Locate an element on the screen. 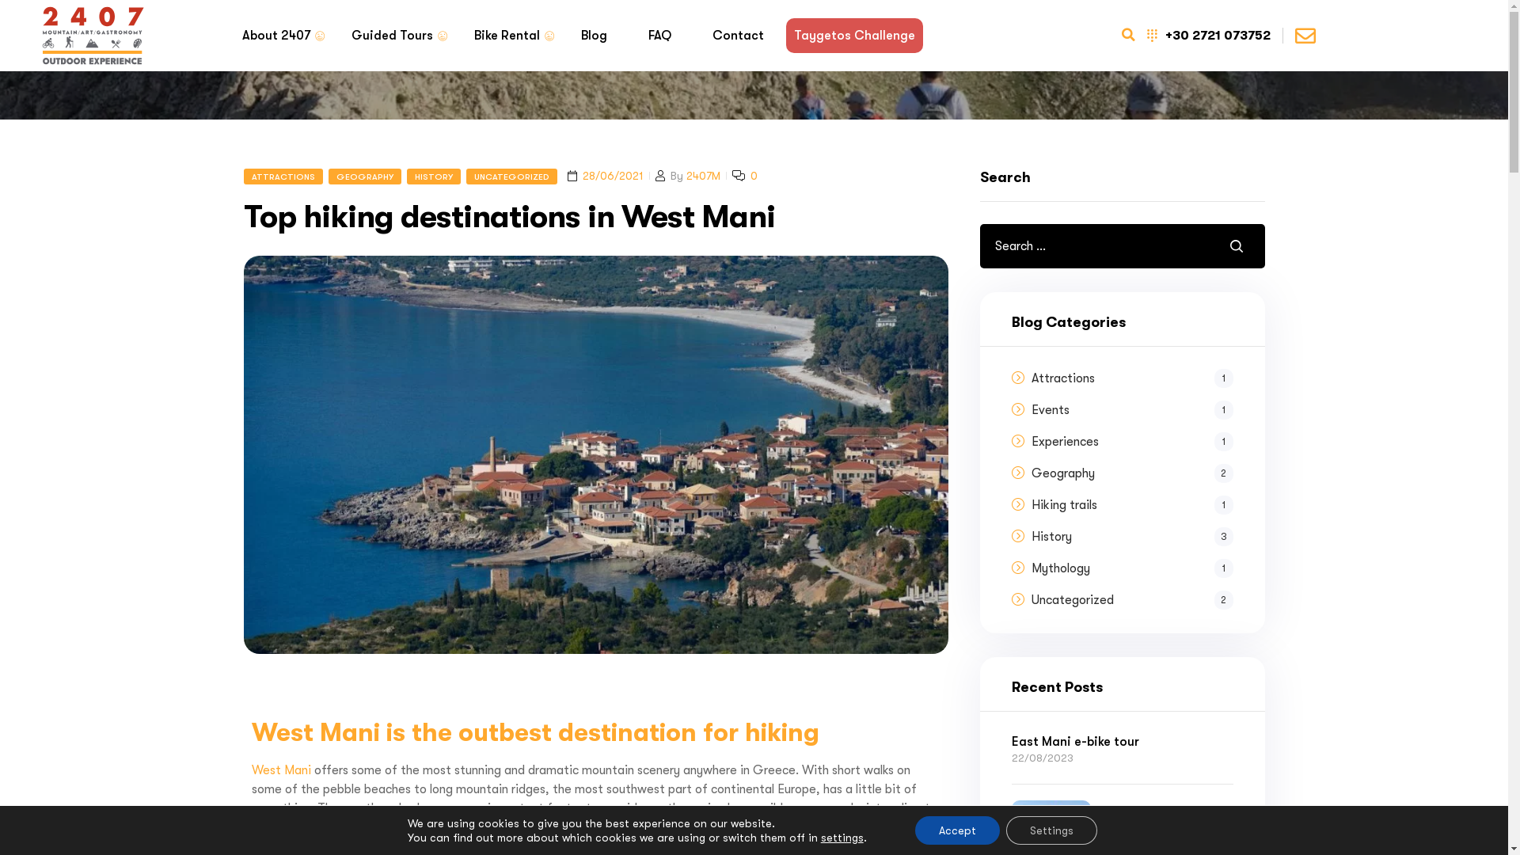  'ATTRACTIONS' is located at coordinates (283, 177).